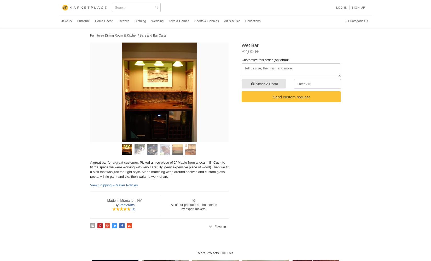 The height and width of the screenshot is (261, 431). Describe the element at coordinates (108, 11) in the screenshot. I see `'CustomMade'` at that location.